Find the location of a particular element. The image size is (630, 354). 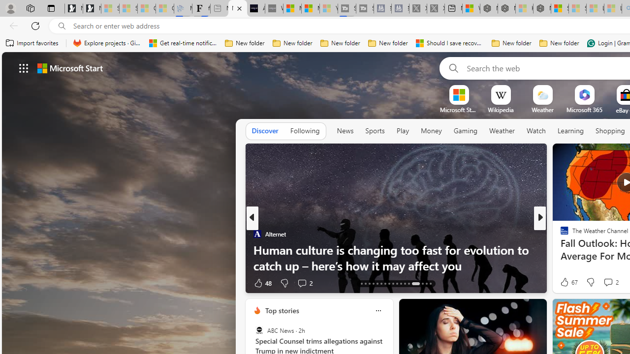

'Learning' is located at coordinates (570, 131).